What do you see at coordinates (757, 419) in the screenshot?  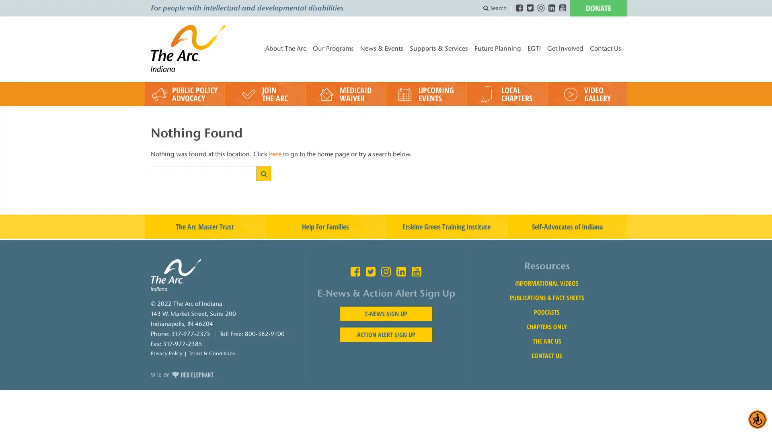 I see `Accessibility Menu` at bounding box center [757, 419].